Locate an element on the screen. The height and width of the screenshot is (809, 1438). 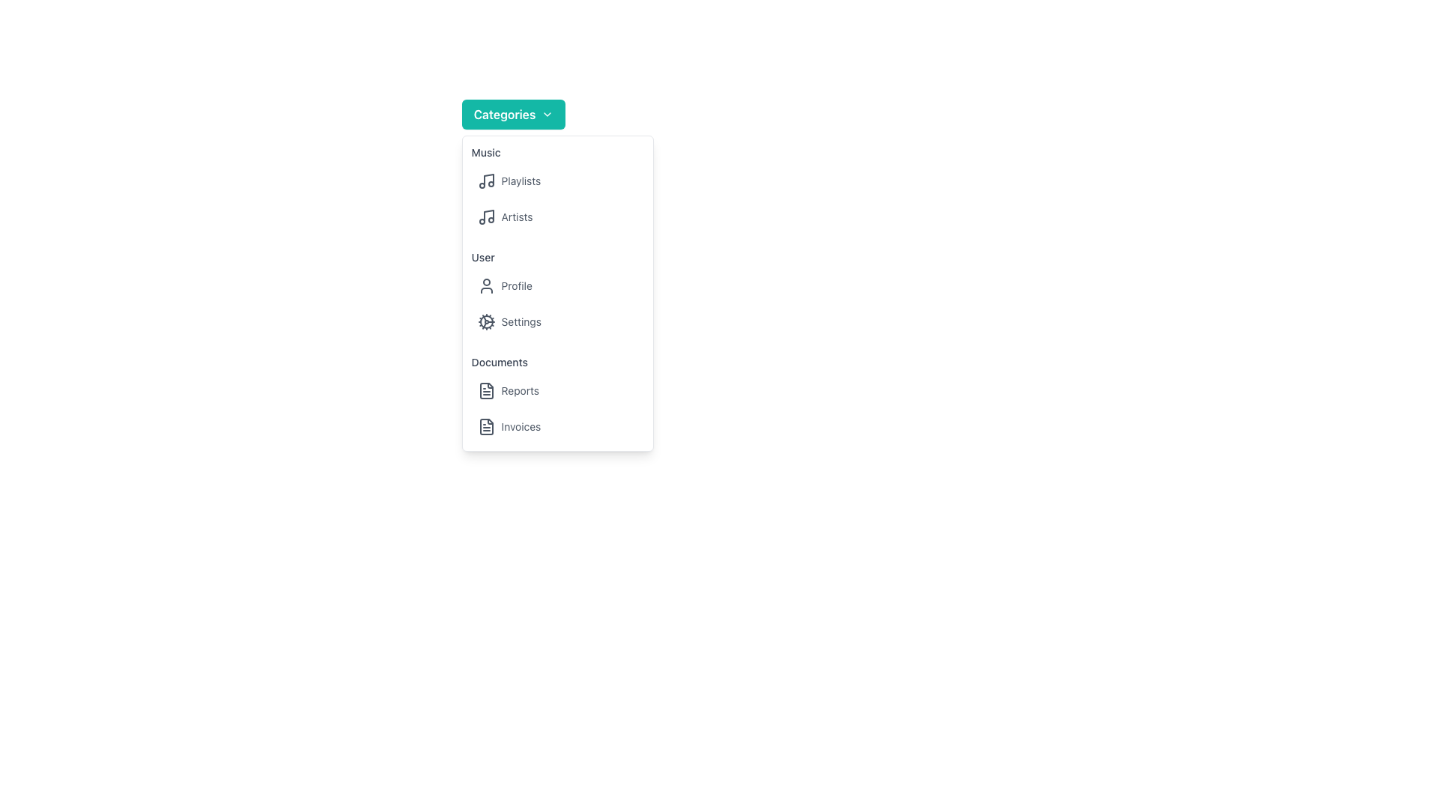
the 'Reports' navigation link located in the 'Documents' section of the menu, which is positioned above the 'Invoices' element is located at coordinates (556, 390).